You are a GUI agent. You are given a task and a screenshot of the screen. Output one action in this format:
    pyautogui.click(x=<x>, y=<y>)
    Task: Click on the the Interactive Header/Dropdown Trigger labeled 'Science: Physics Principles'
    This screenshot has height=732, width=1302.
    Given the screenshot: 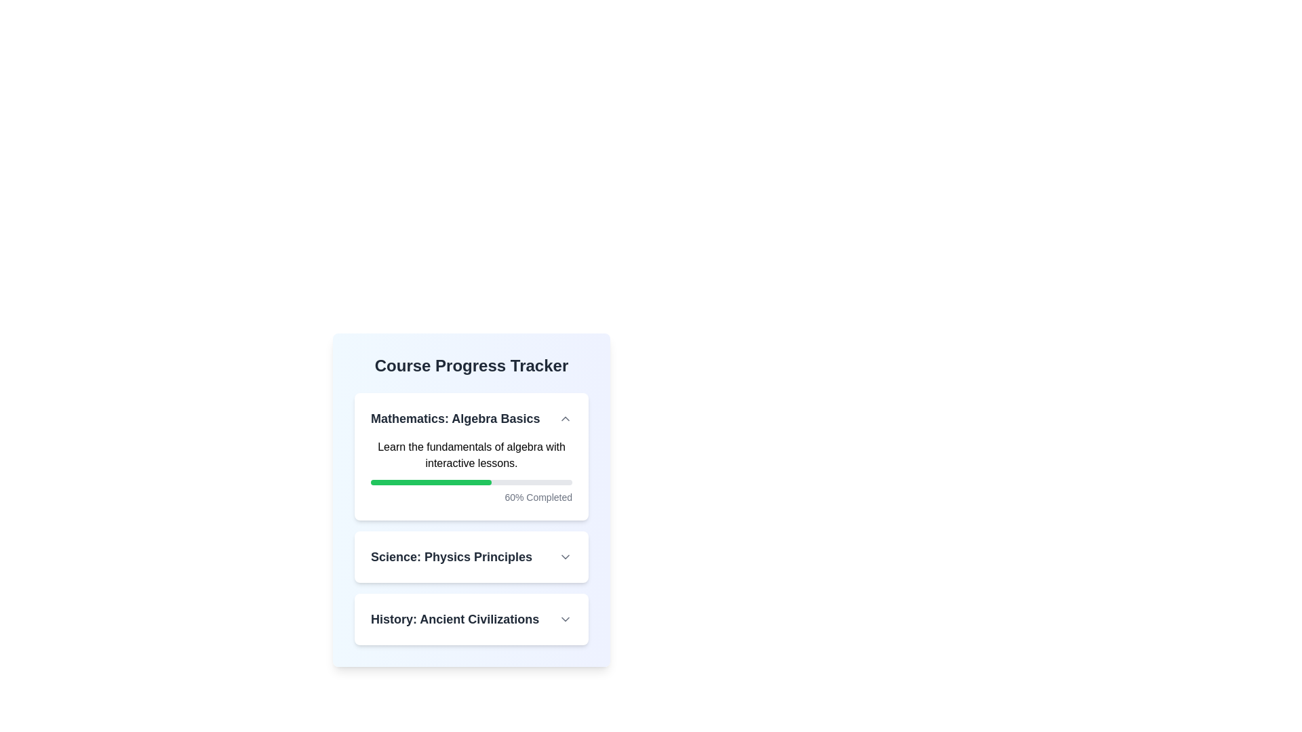 What is the action you would take?
    pyautogui.click(x=471, y=556)
    